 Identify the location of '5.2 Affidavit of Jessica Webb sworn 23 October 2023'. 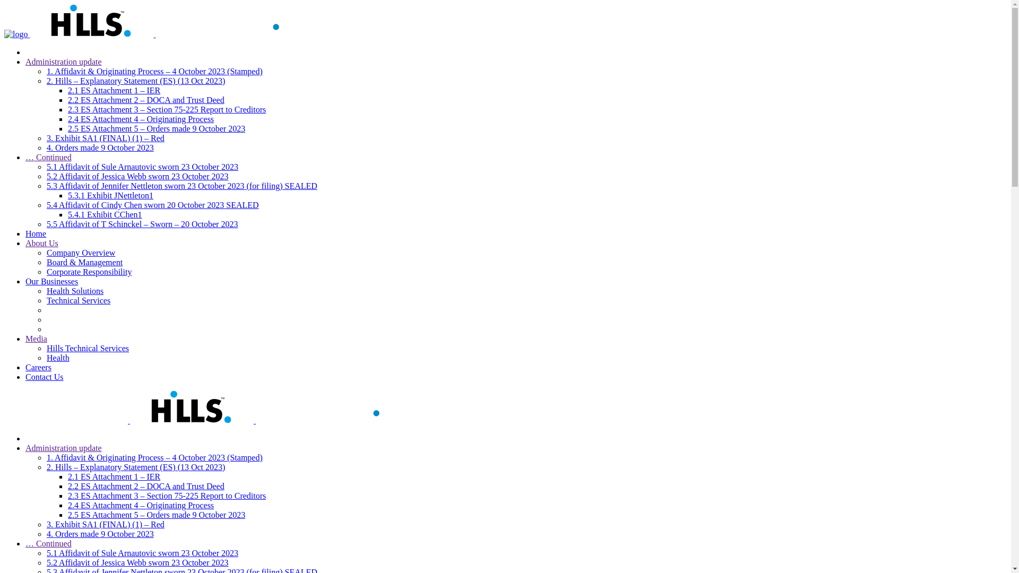
(137, 176).